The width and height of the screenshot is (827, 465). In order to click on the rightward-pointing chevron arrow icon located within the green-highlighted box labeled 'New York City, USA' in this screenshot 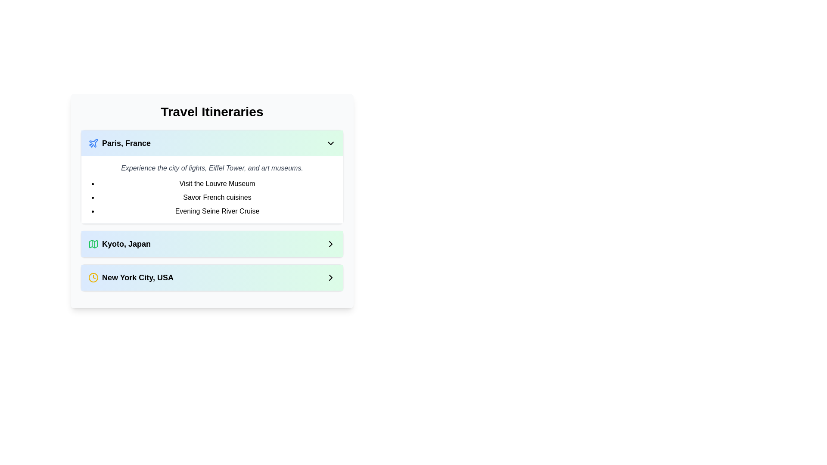, I will do `click(330, 277)`.